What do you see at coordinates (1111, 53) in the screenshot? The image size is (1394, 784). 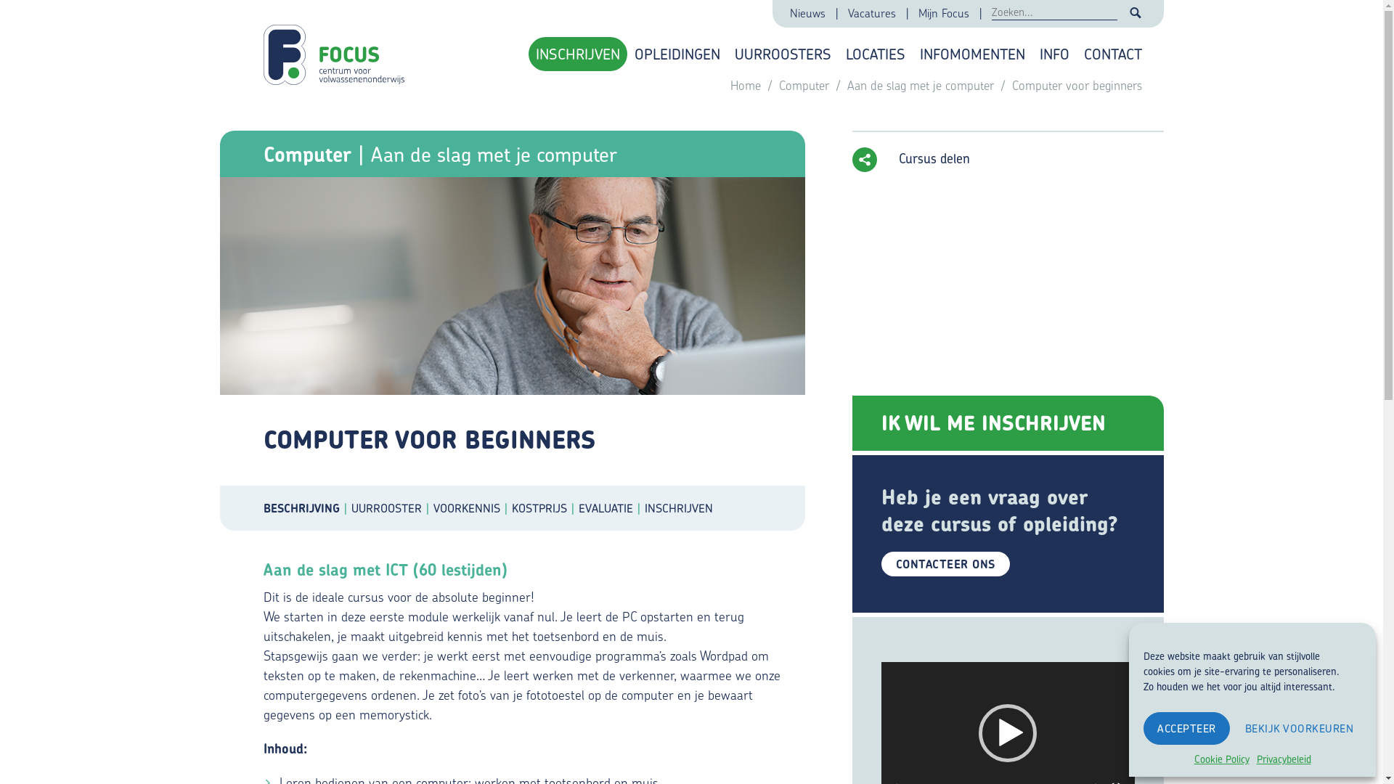 I see `'CONTACT'` at bounding box center [1111, 53].